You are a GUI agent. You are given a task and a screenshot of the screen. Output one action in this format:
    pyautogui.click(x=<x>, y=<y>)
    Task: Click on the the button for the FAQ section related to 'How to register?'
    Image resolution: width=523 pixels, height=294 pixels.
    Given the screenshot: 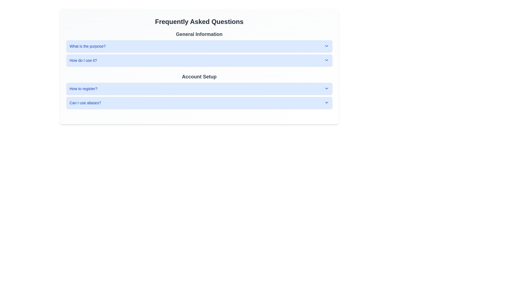 What is the action you would take?
    pyautogui.click(x=199, y=88)
    